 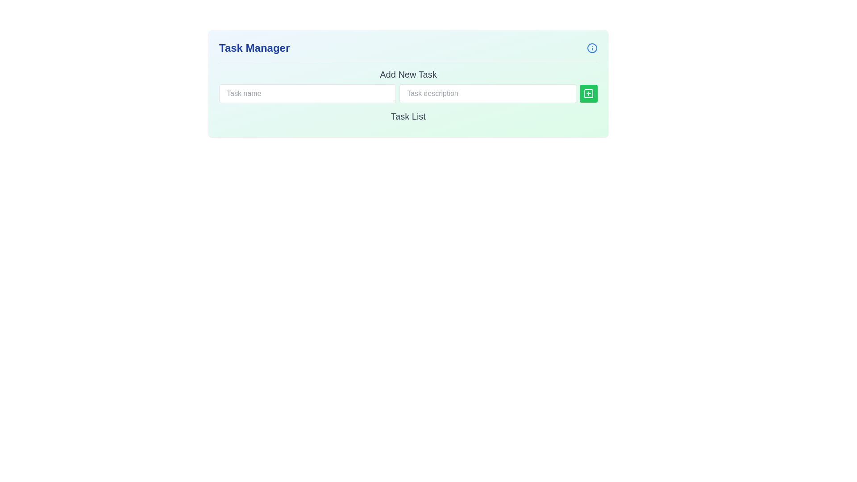 I want to click on the circular graphical shape located at the top-right area of the application interface, so click(x=592, y=48).